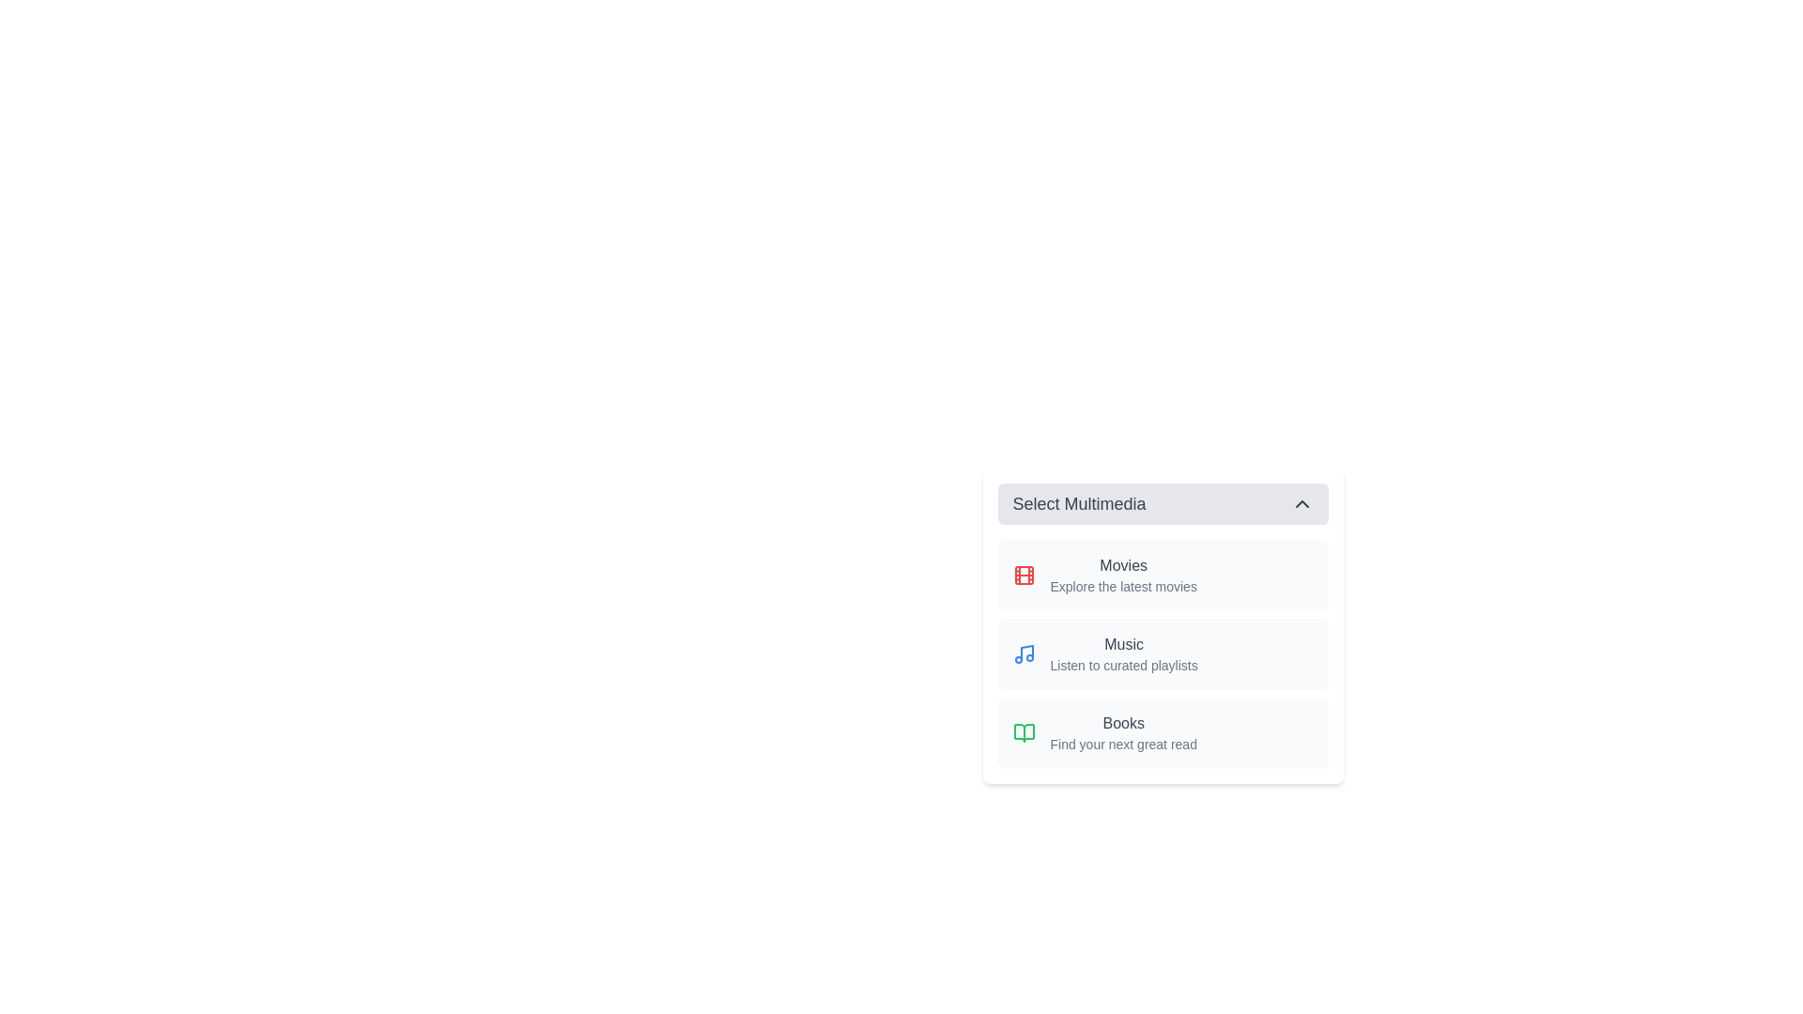 The image size is (1803, 1014). I want to click on the red movie reel icon located on the leftmost part of the first entry in the multimedia options list, adjacent to the 'Movies' title and description, so click(1023, 575).